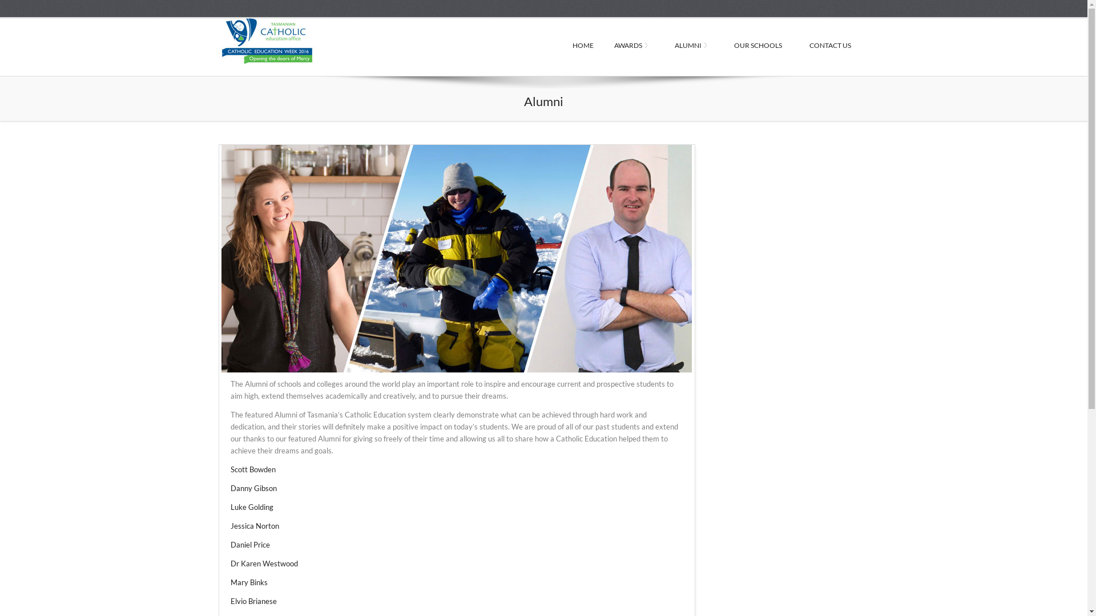 This screenshot has height=616, width=1096. I want to click on 'Elvio Brianese', so click(253, 600).